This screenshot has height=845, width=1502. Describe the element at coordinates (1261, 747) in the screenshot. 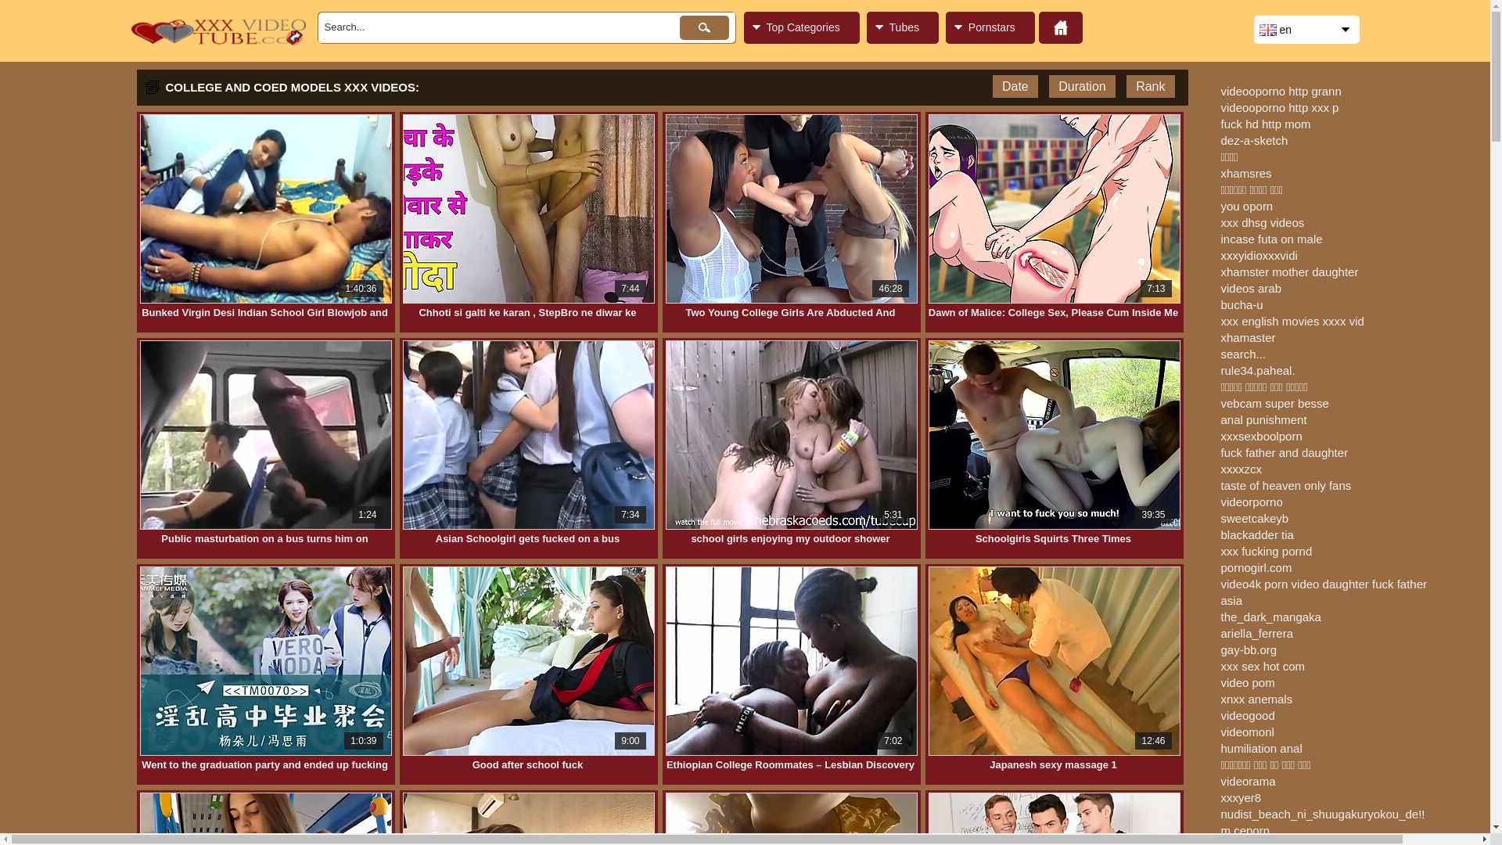

I see `'humiliation anal'` at that location.